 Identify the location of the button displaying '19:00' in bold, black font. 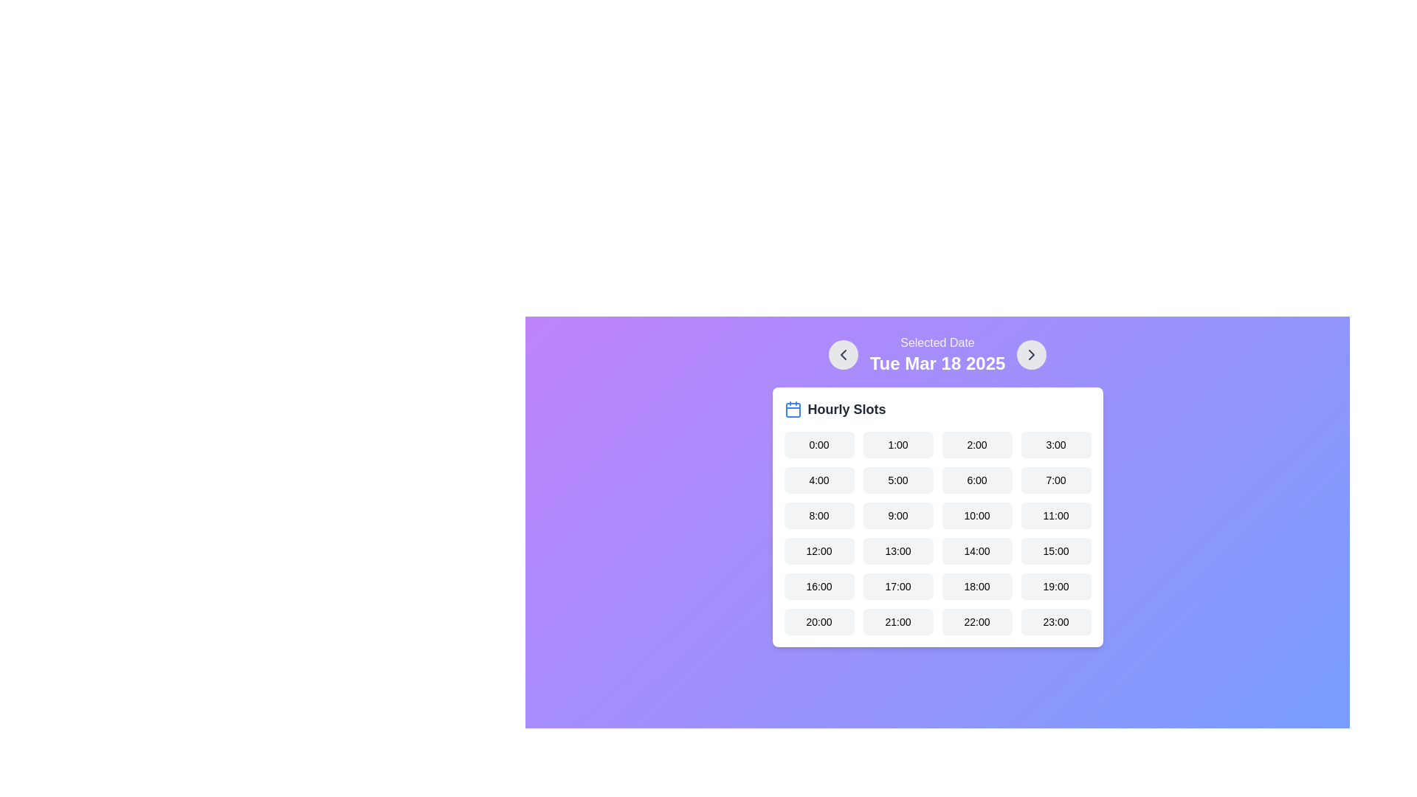
(1055, 585).